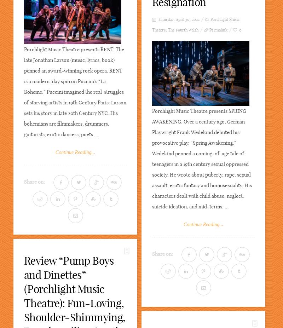 The image size is (283, 328). Describe the element at coordinates (152, 159) in the screenshot. I see `'Porchlight Music Theatre presents SPRING AWAKENING.
Over a century ago, German Playwright Frank Wedekind debuted his provocative play, “Spring Awakening.” Wedekind penned a coming-of-age tale of teenagers in a 19th century sexual oppressed society. He wrote about puberty, rape, sexual assault, erotic fantasy and homosexuality. His characters dealt with child abuse, neglect, suicide ideation, and mid-terms. ...'` at that location.